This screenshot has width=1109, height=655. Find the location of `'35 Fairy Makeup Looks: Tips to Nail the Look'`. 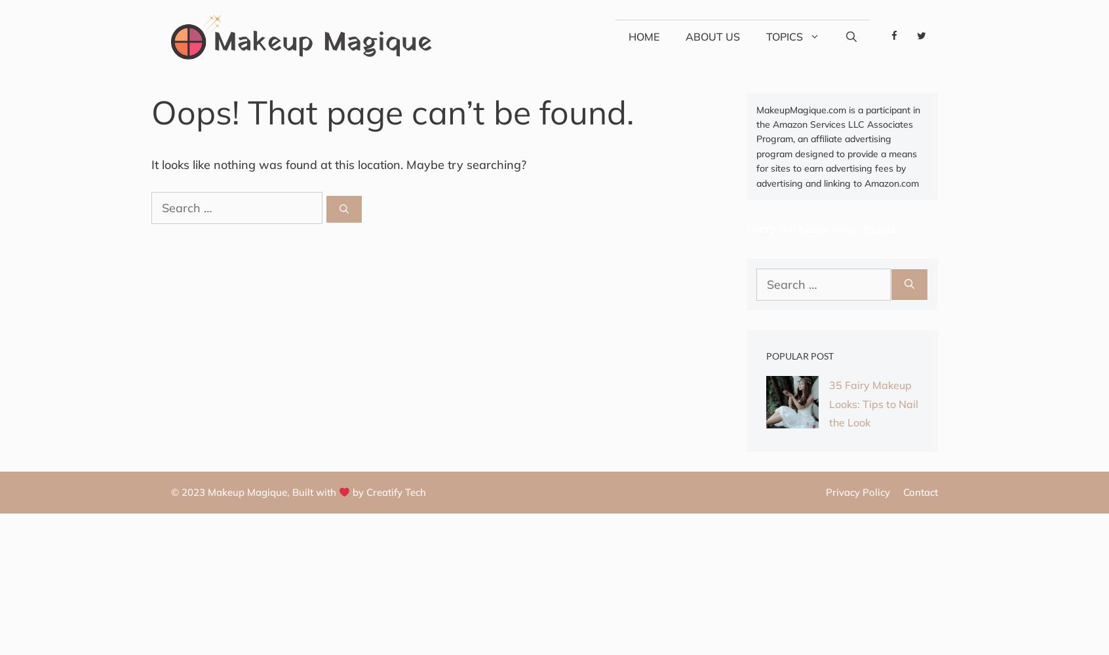

'35 Fairy Makeup Looks: Tips to Nail the Look' is located at coordinates (872, 403).